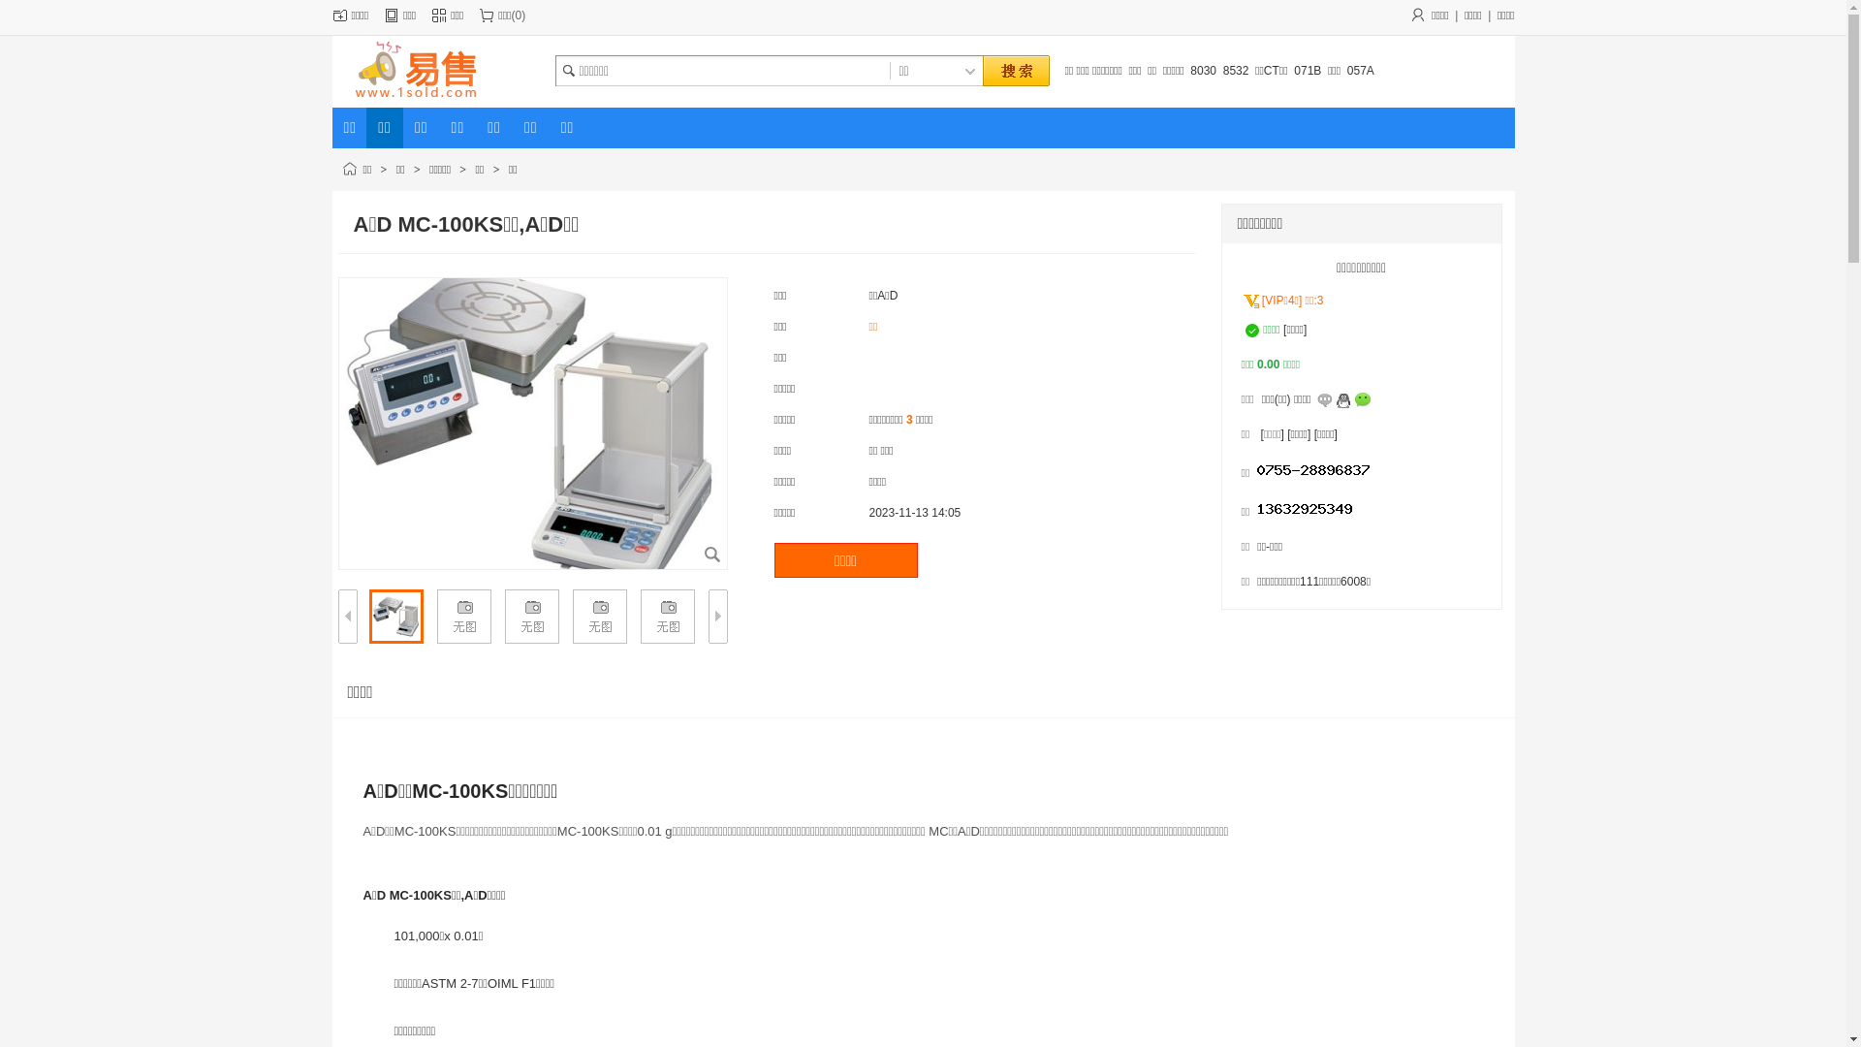 This screenshot has width=1861, height=1047. I want to click on ' ', so click(1013, 71).